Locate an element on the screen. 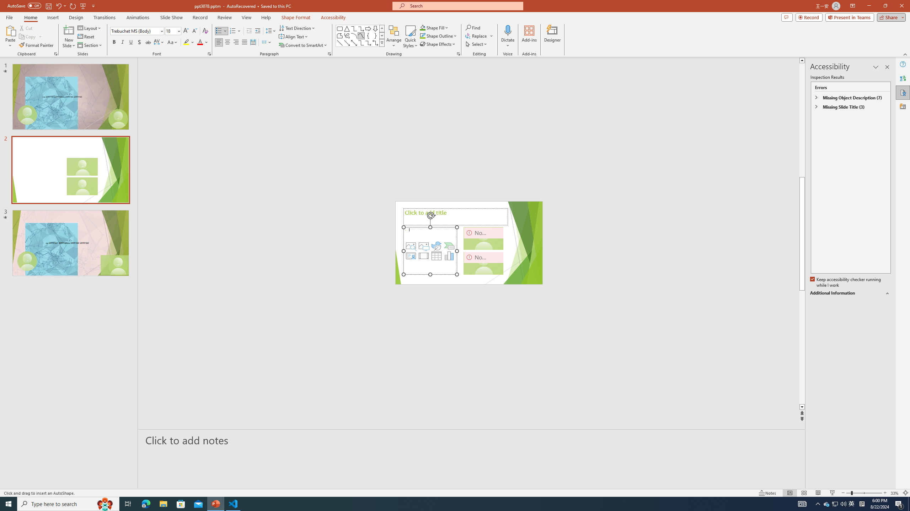 This screenshot has width=910, height=511. 'Title TextBox' is located at coordinates (455, 216).